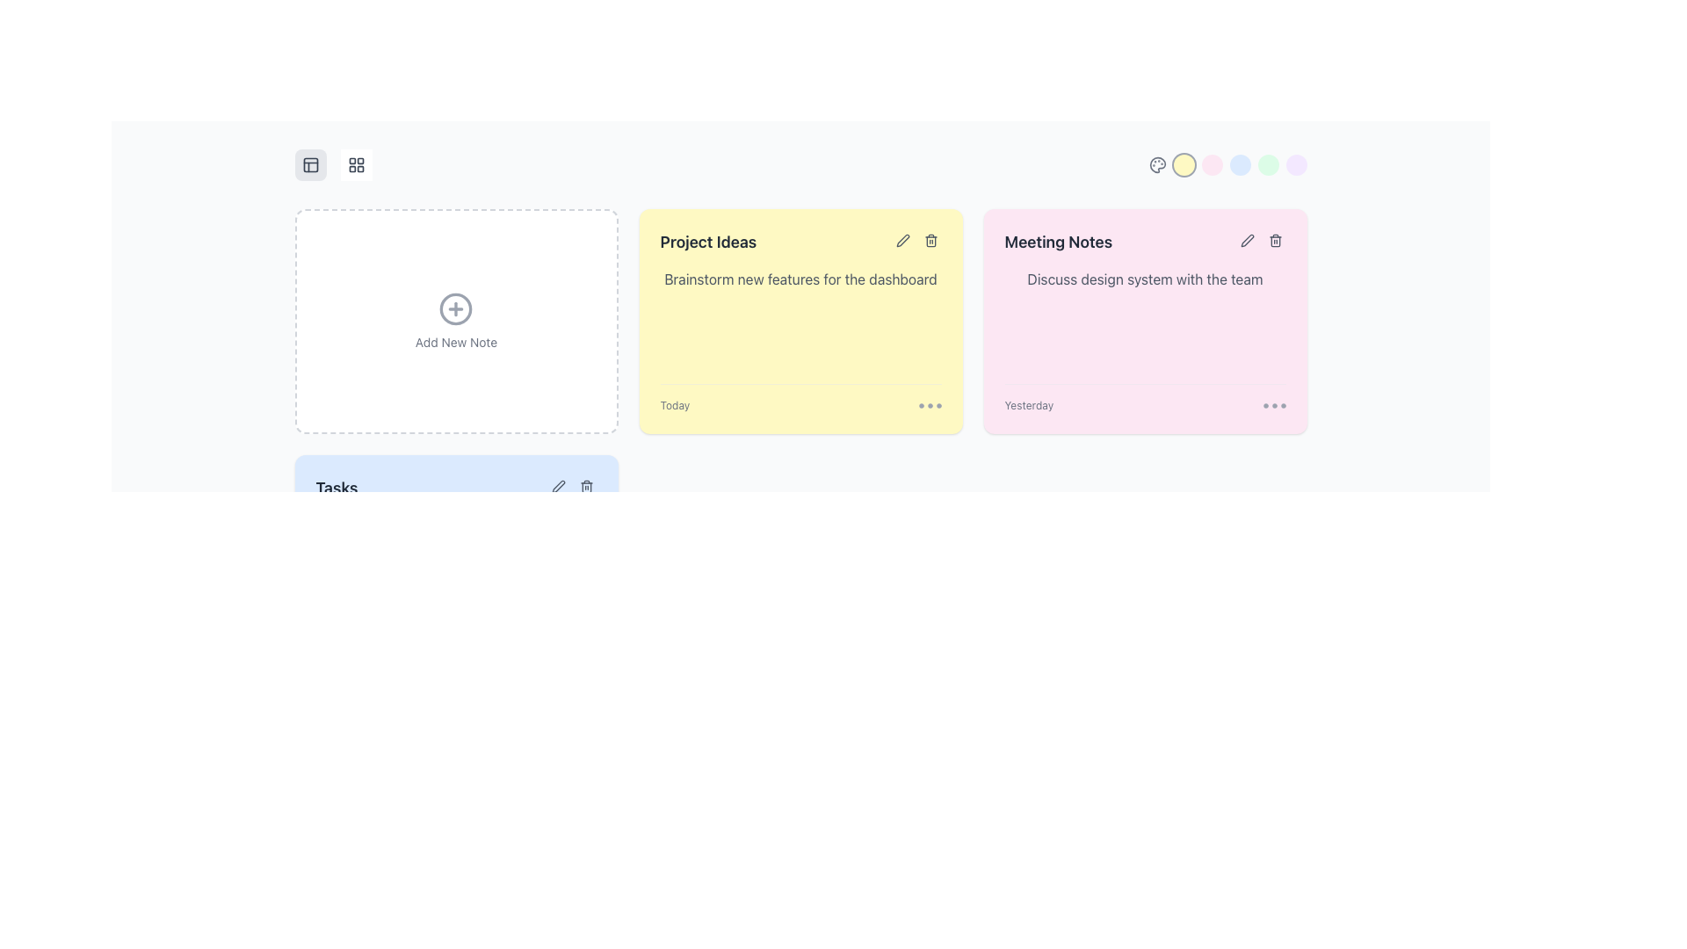 The height and width of the screenshot is (949, 1687). What do you see at coordinates (572, 487) in the screenshot?
I see `the group of interactive buttons or icons located to the right of the 'Tasks' header for tooltip or visual feedback` at bounding box center [572, 487].